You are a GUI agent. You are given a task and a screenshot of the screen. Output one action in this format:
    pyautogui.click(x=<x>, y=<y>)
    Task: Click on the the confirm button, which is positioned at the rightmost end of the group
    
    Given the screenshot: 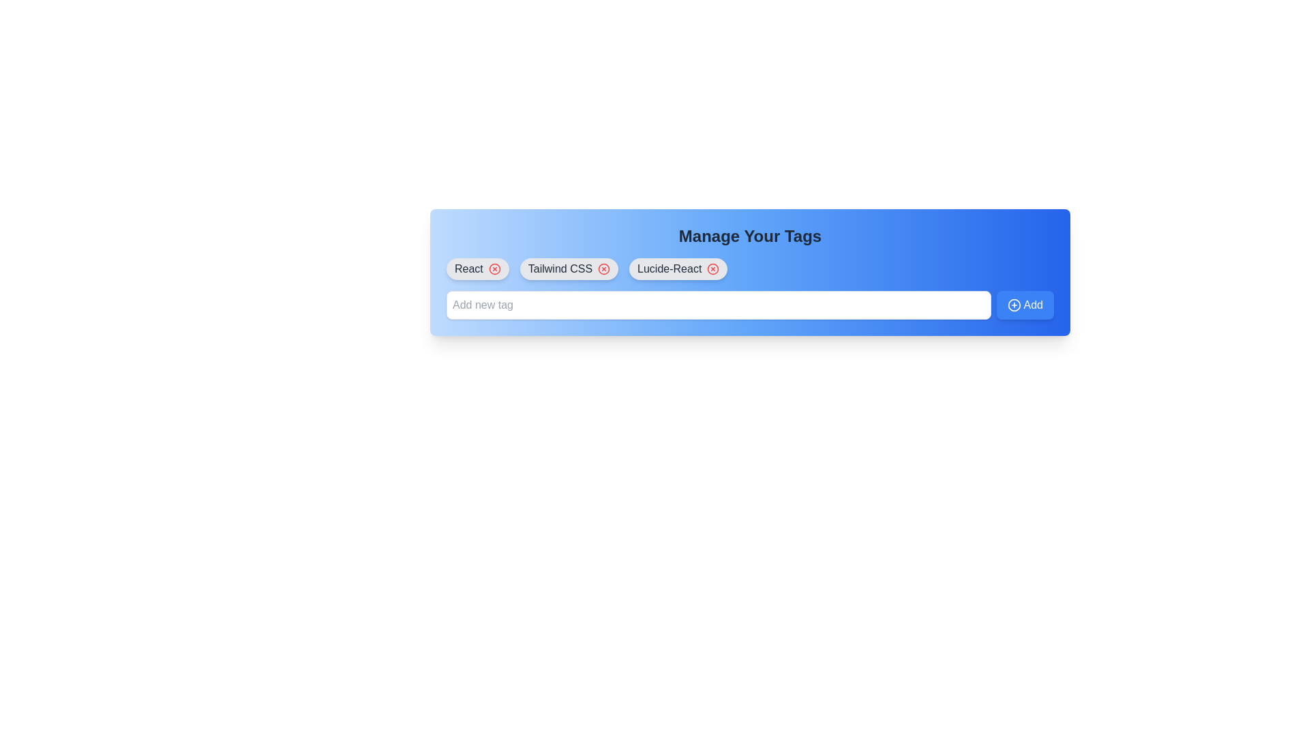 What is the action you would take?
    pyautogui.click(x=1025, y=304)
    